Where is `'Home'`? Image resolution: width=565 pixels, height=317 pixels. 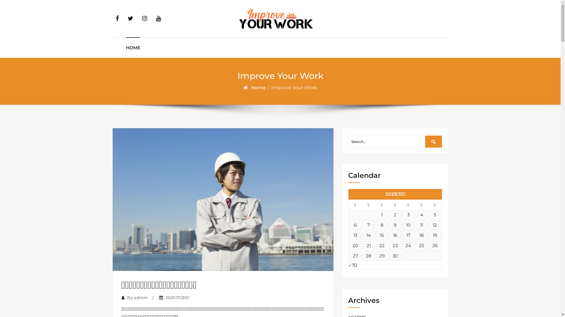 'Home' is located at coordinates (259, 87).